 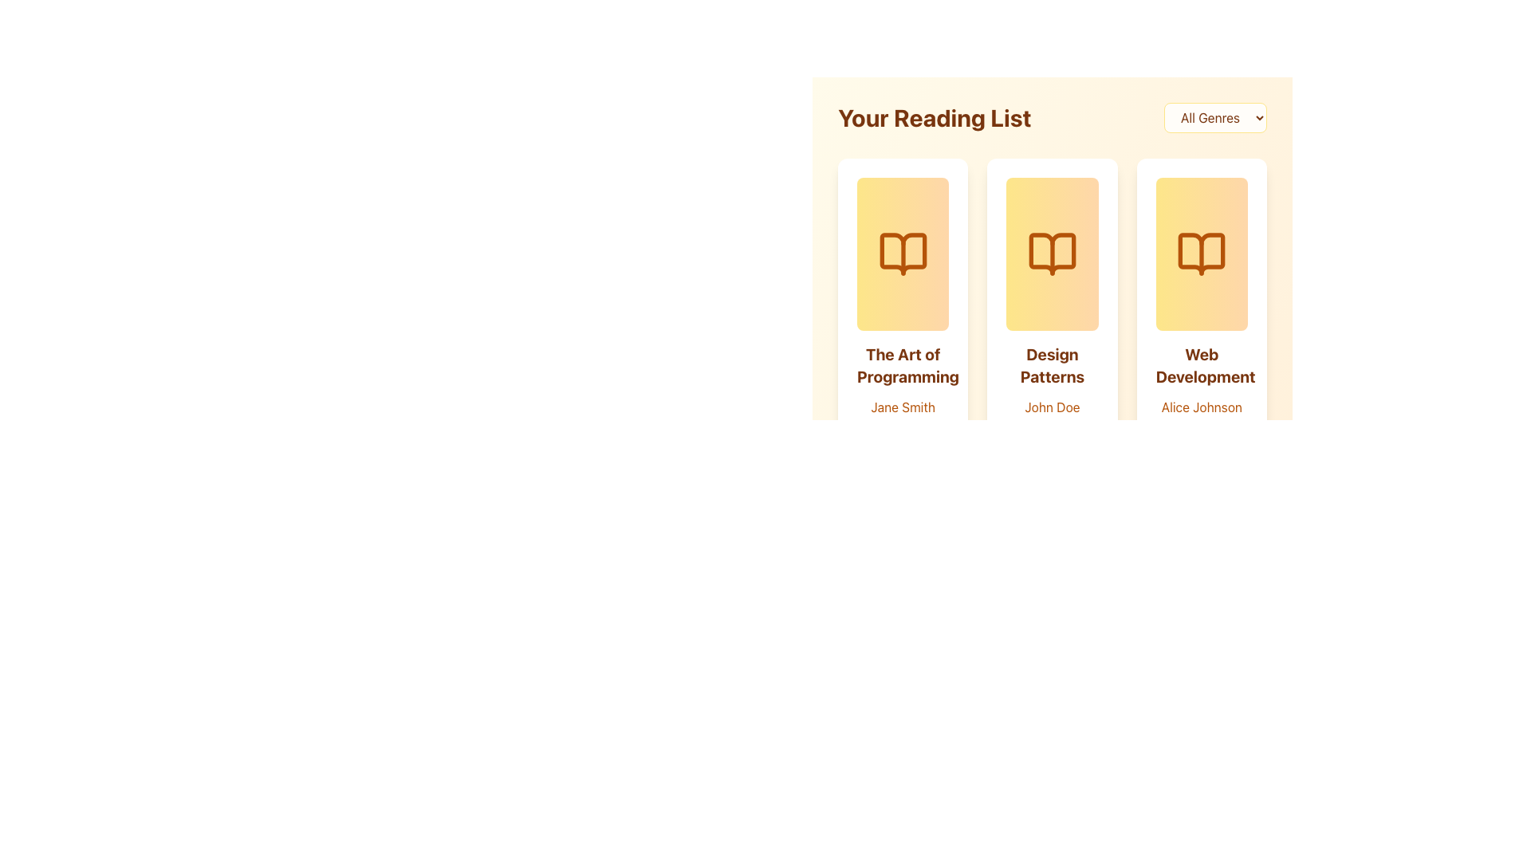 What do you see at coordinates (903, 510) in the screenshot?
I see `the bookmark button, which is the second button in a horizontal set of similar buttons located below the 'Your Reading List' section` at bounding box center [903, 510].